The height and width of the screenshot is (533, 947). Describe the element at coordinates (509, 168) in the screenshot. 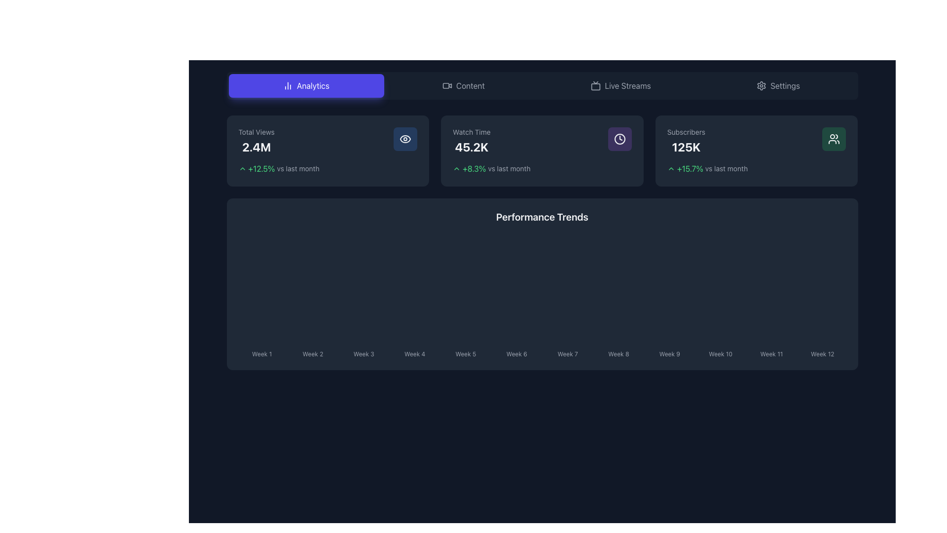

I see `the text label displaying 'vs last month', which is styled in a small, light gray font and positioned to the right of the green text '+8.3%' in the middle card of the 'Watch Time' section` at that location.